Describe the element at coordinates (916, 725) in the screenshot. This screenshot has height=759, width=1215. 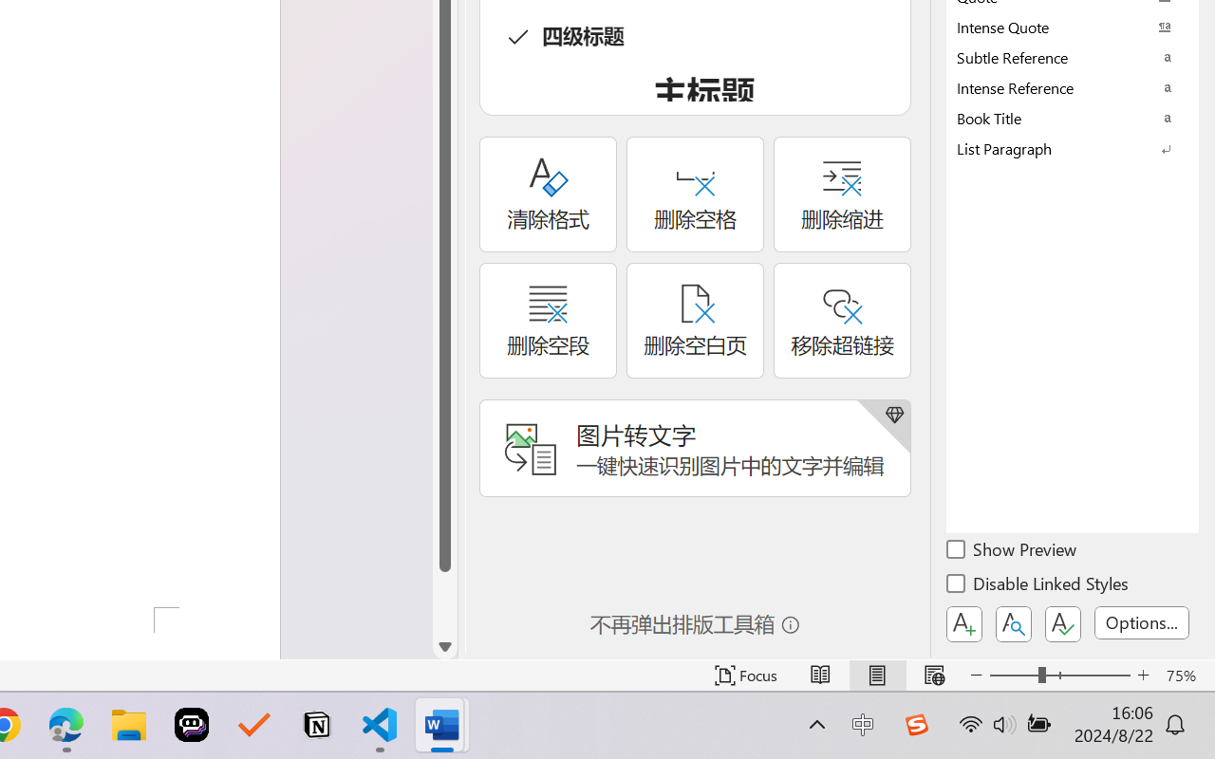
I see `'Class: Image'` at that location.